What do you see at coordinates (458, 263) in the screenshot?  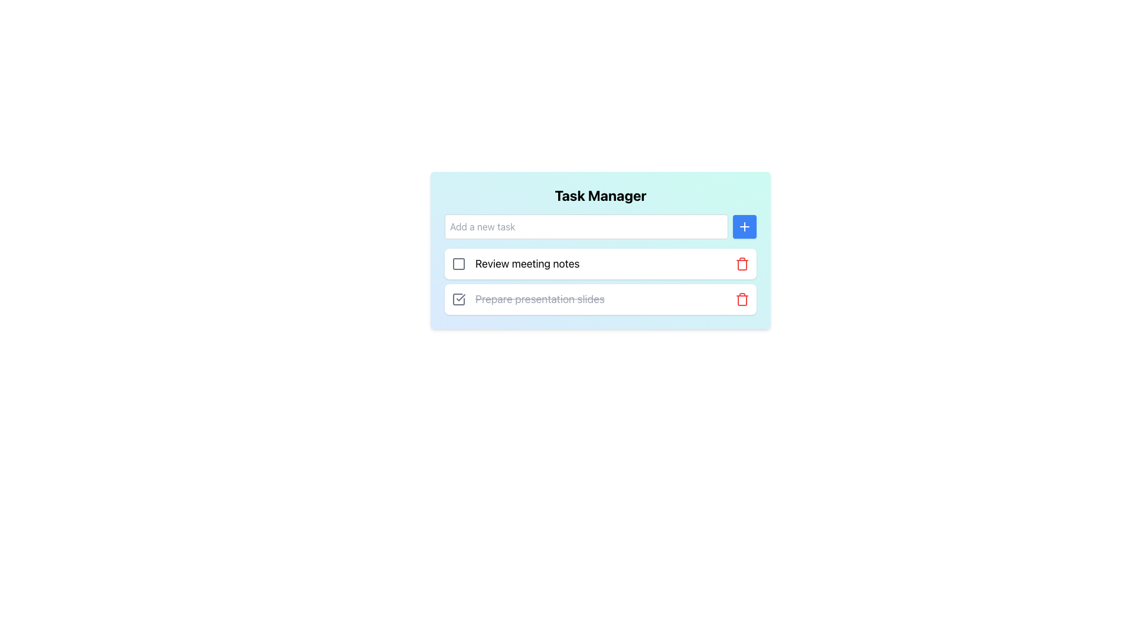 I see `the interactive square icon with a gray border located to the left of the 'Review meeting notes' text under the 'Task Manager' header` at bounding box center [458, 263].